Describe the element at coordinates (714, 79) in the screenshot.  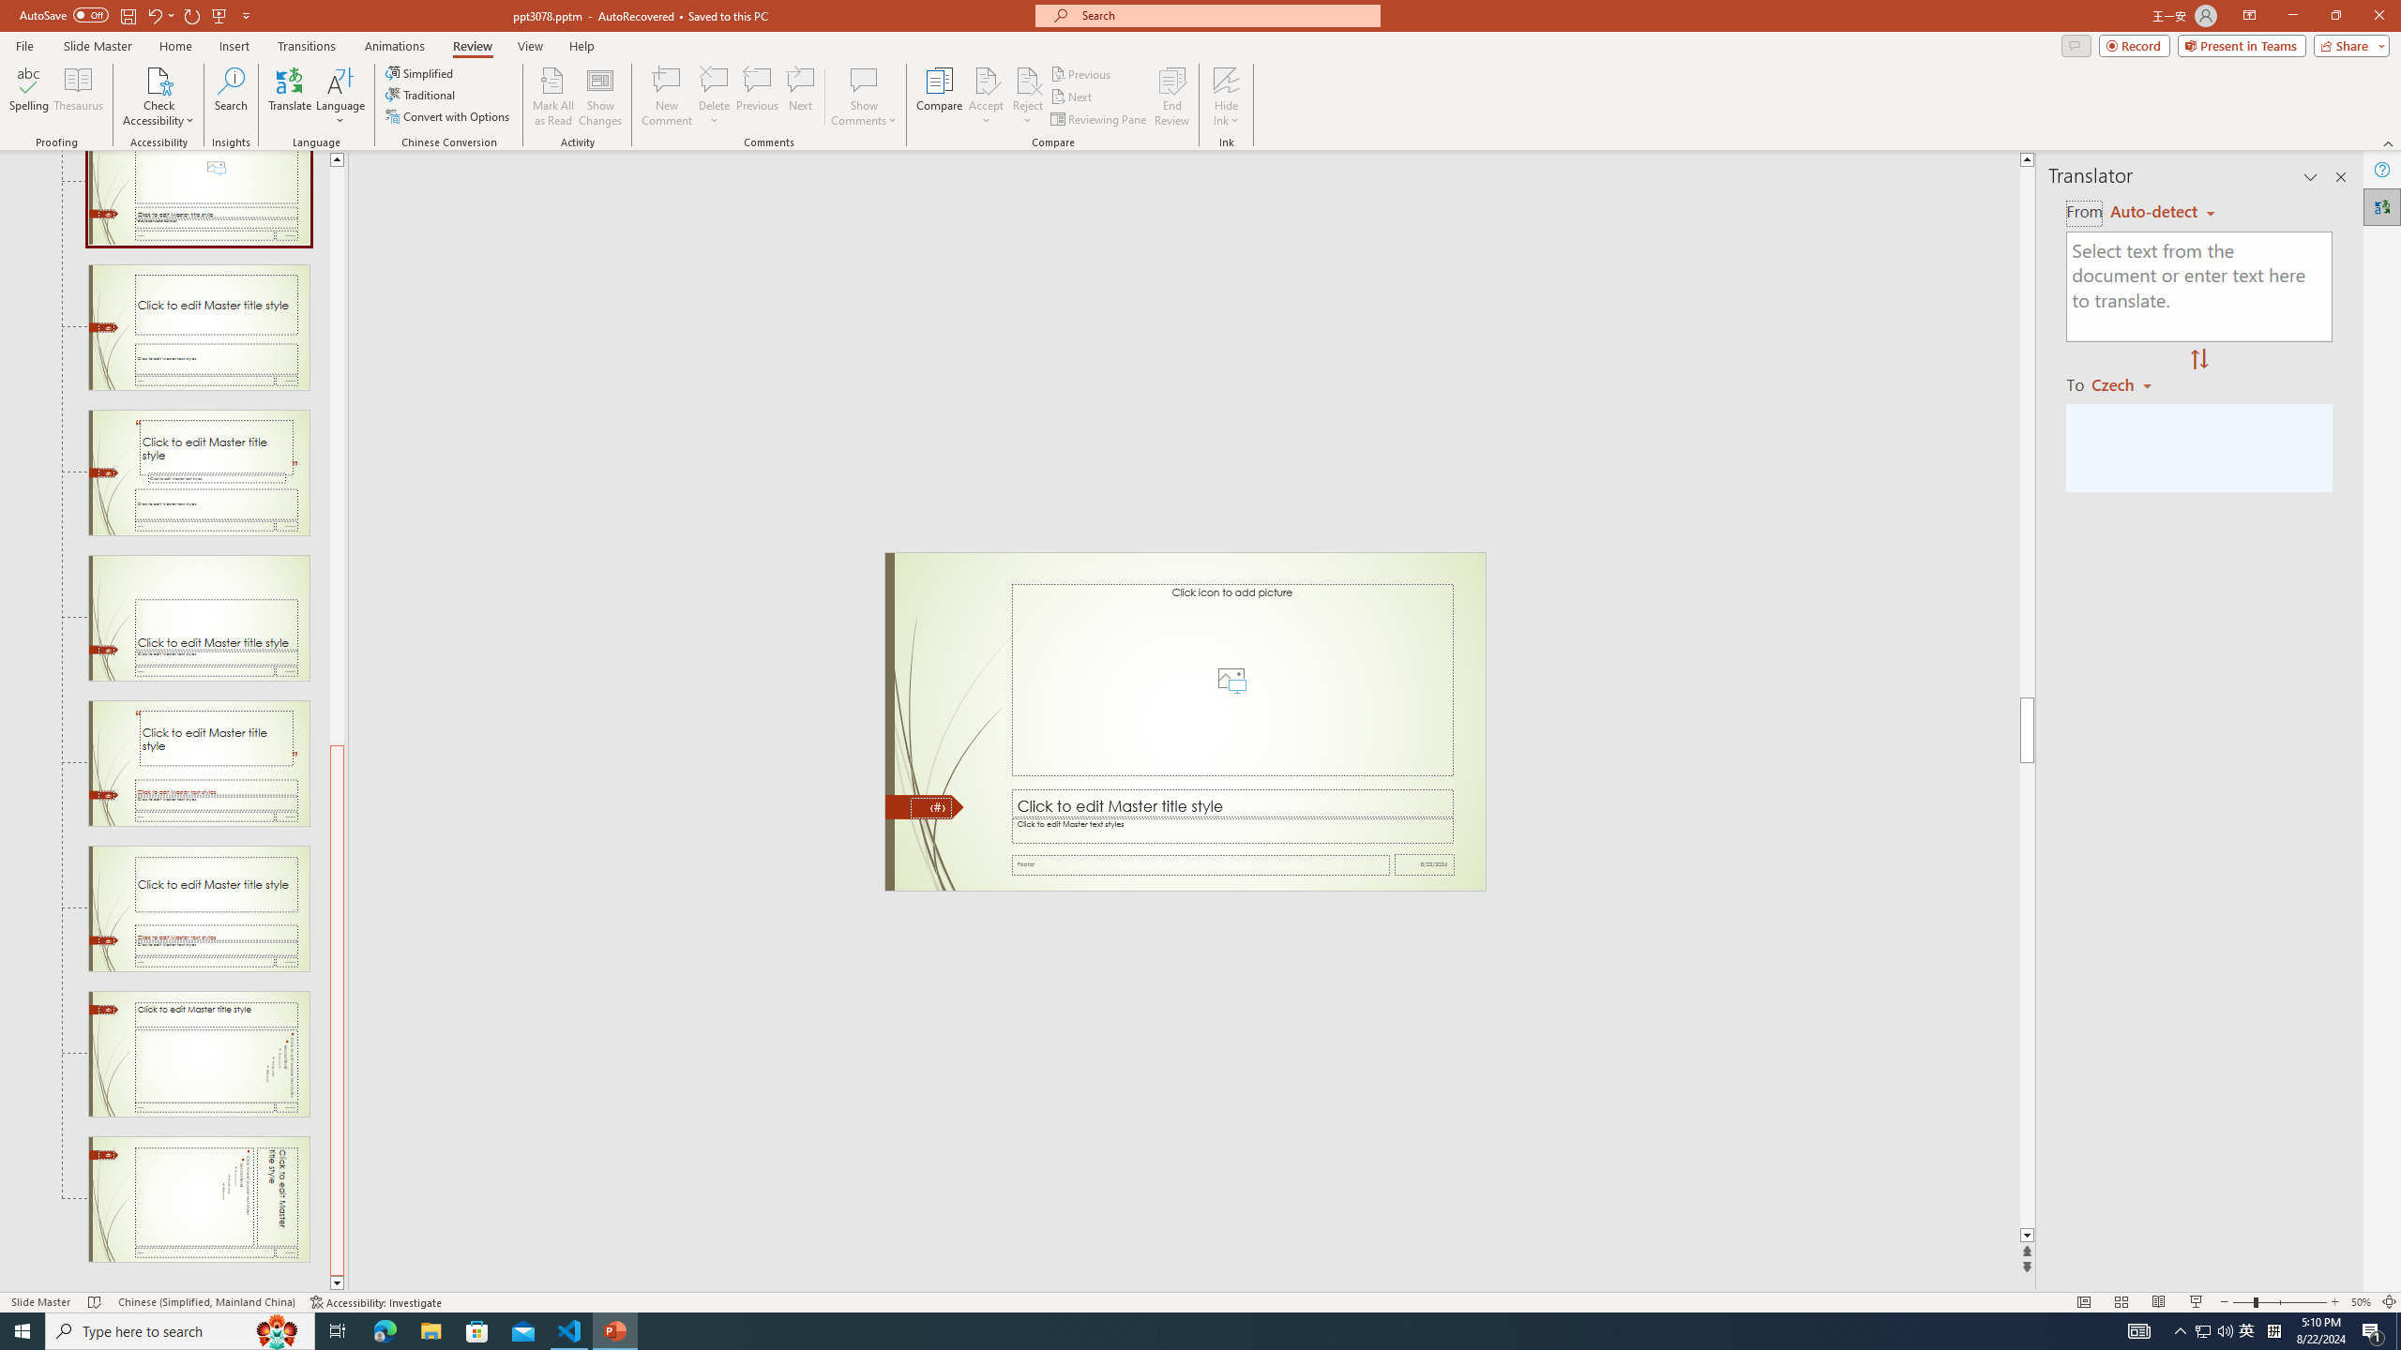
I see `'Delete'` at that location.